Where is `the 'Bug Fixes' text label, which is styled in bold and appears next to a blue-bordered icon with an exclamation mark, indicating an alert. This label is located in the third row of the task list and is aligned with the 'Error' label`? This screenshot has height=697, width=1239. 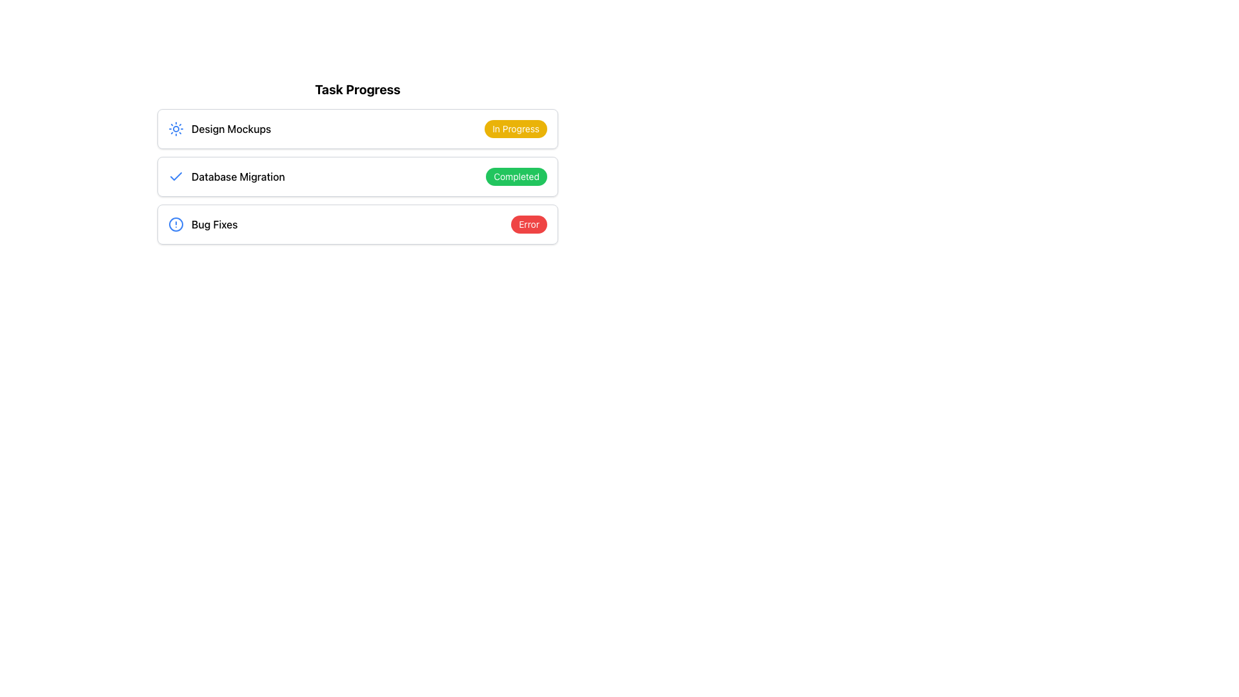 the 'Bug Fixes' text label, which is styled in bold and appears next to a blue-bordered icon with an exclamation mark, indicating an alert. This label is located in the third row of the task list and is aligned with the 'Error' label is located at coordinates (202, 223).